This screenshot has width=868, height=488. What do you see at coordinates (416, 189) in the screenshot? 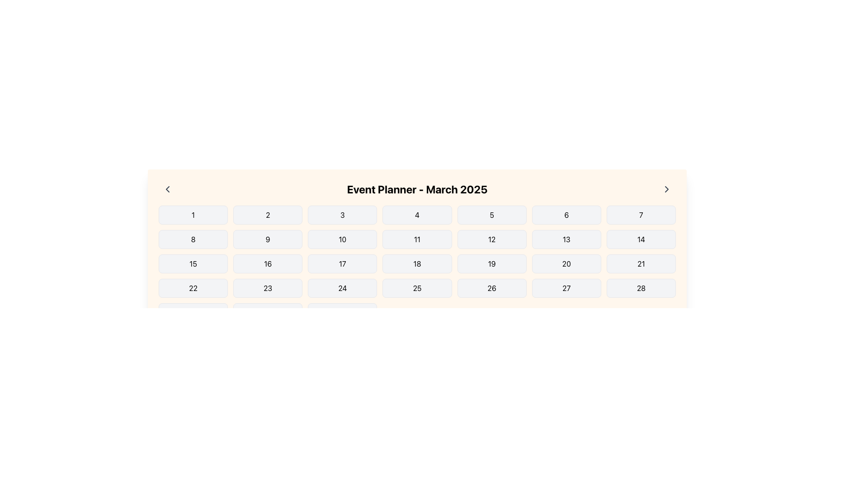
I see `the Header text indicating the current view or selected time period within the calendar or scheduling interface, which is positioned above the calendar grid` at bounding box center [416, 189].